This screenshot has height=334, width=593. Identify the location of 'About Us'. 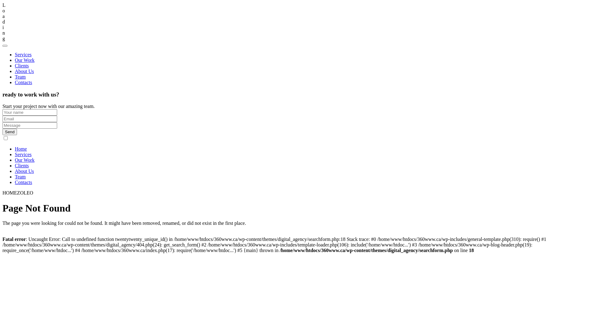
(15, 71).